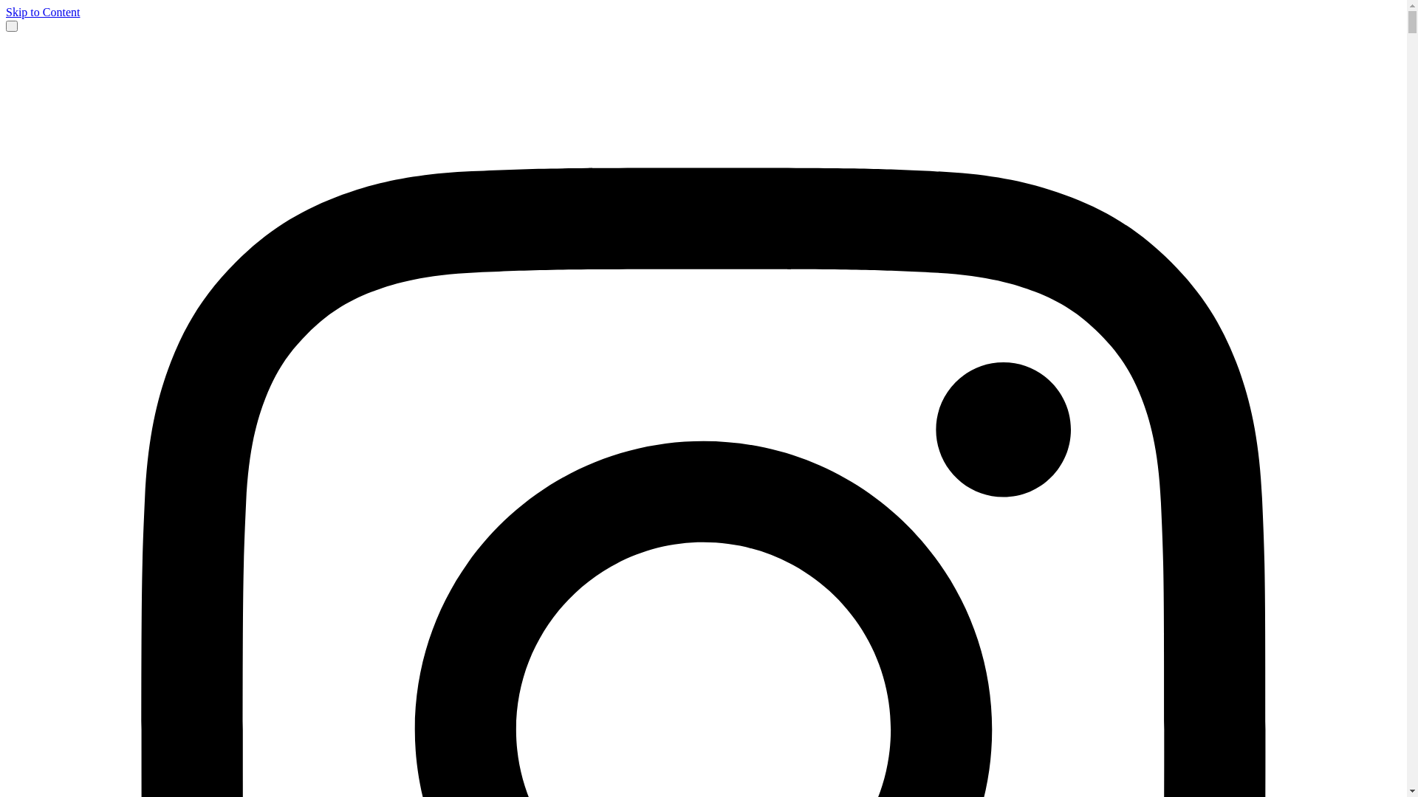  What do you see at coordinates (42, 12) in the screenshot?
I see `'Skip to Content'` at bounding box center [42, 12].